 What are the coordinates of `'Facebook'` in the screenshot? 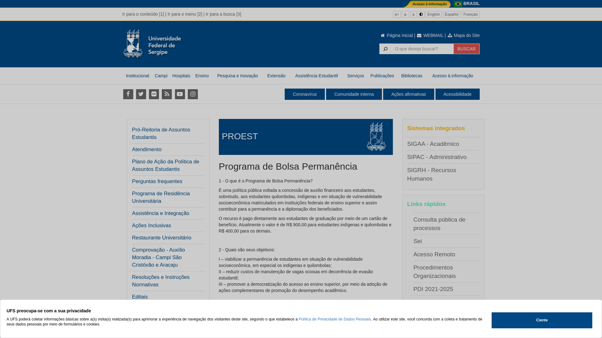 It's located at (128, 94).